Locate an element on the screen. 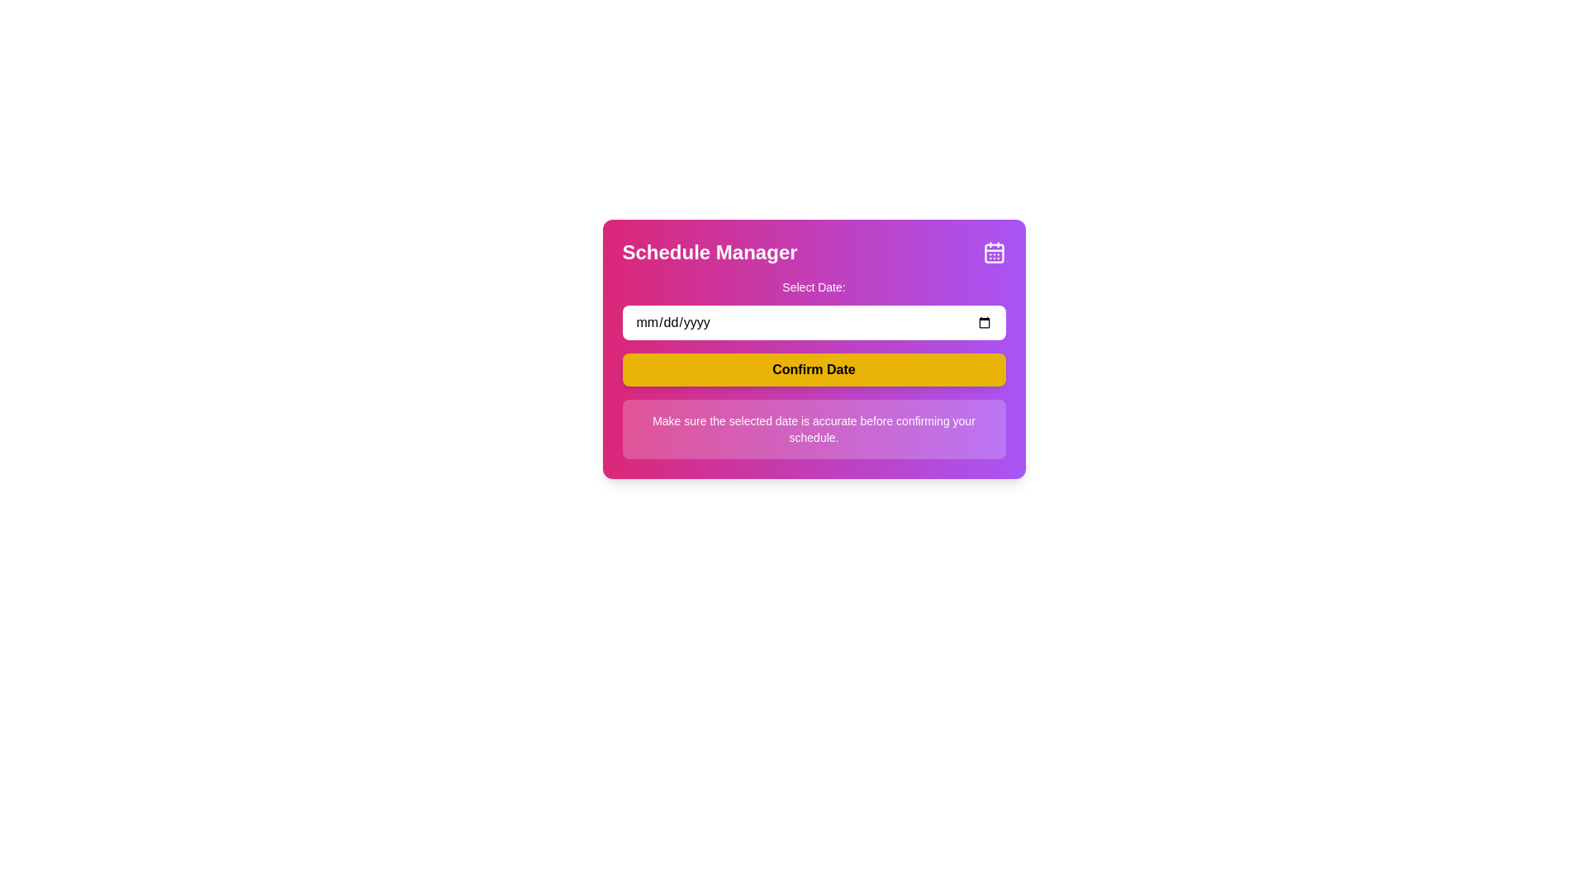  the calendar icon button located on the far right of the purple header section, adjacent to the 'Schedule Manager' text is located at coordinates (993, 252).